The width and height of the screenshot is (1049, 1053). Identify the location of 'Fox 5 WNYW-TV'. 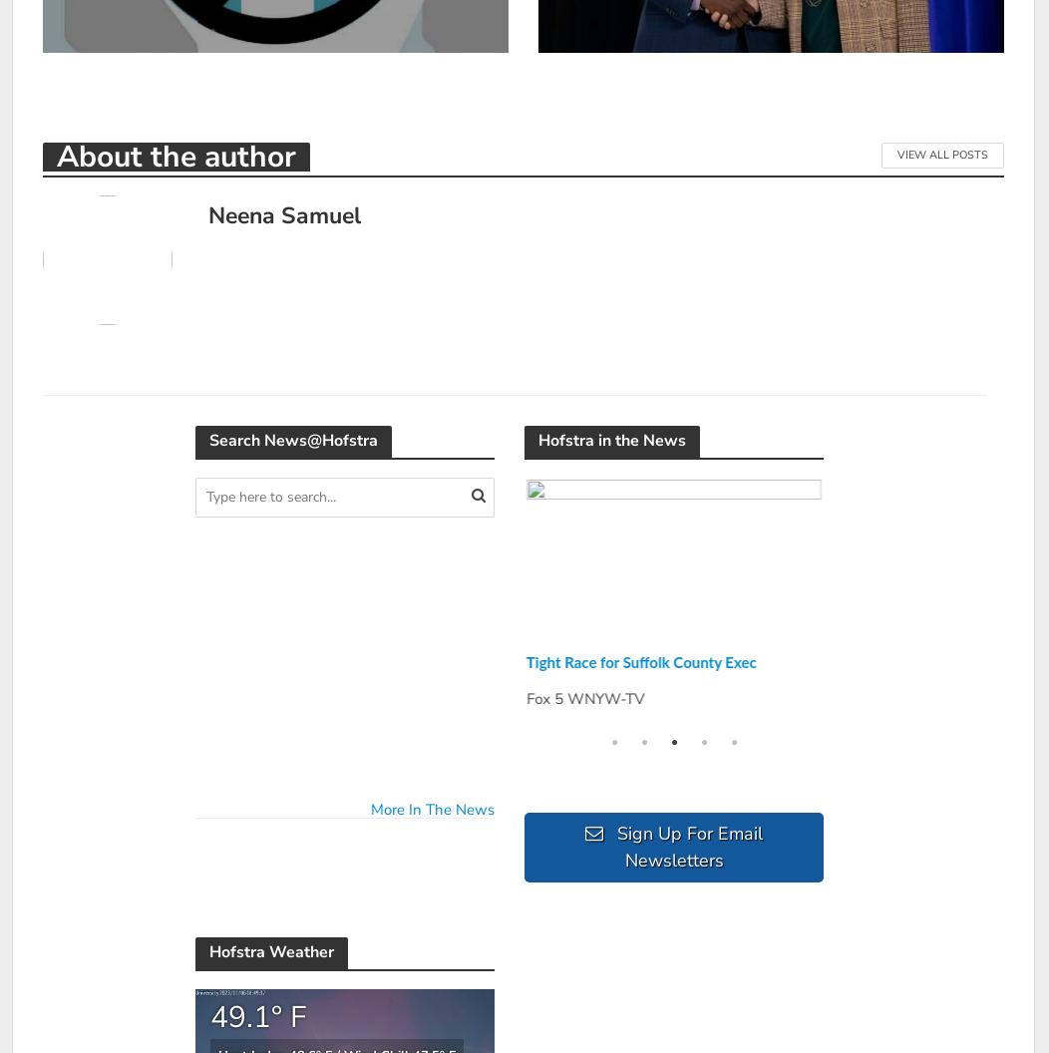
(584, 698).